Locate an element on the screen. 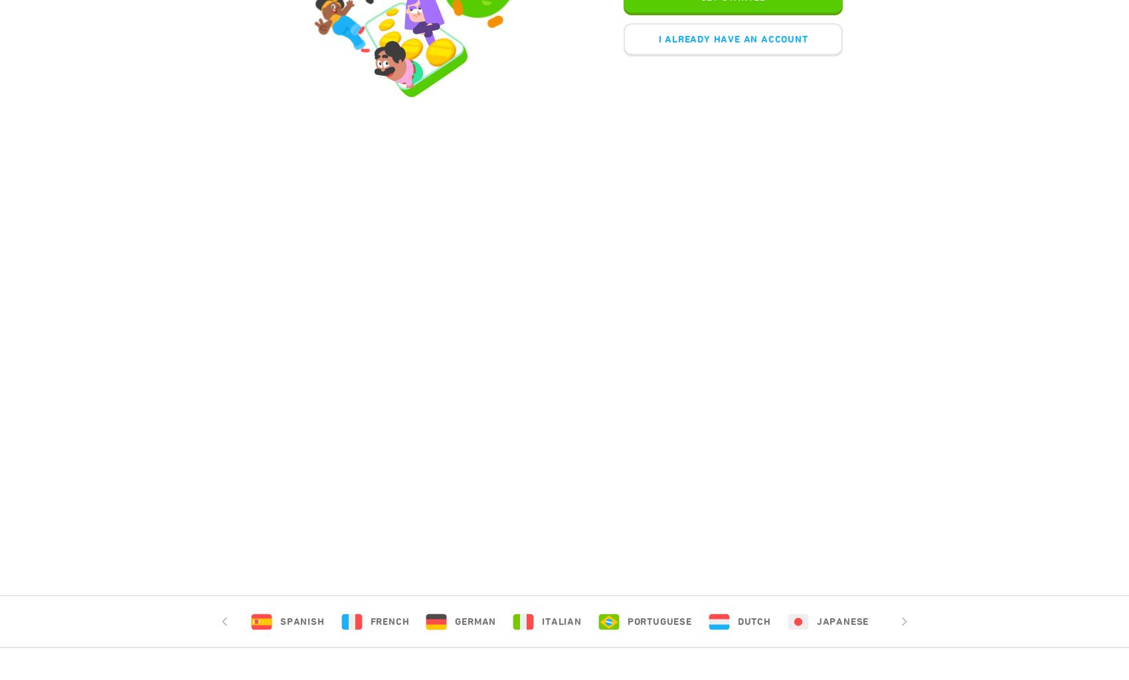 This screenshot has height=680, width=1129. 'Welsh' is located at coordinates (1091, 621).